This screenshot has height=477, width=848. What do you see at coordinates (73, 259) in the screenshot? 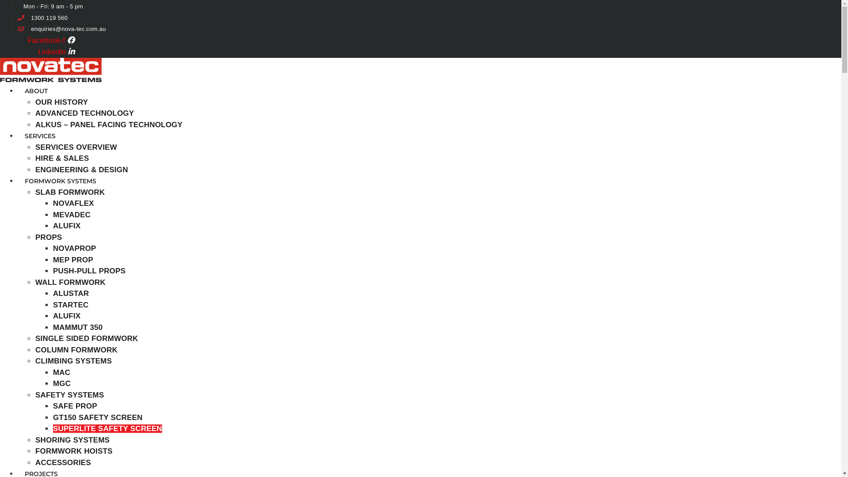
I see `'MEP PROP'` at bounding box center [73, 259].